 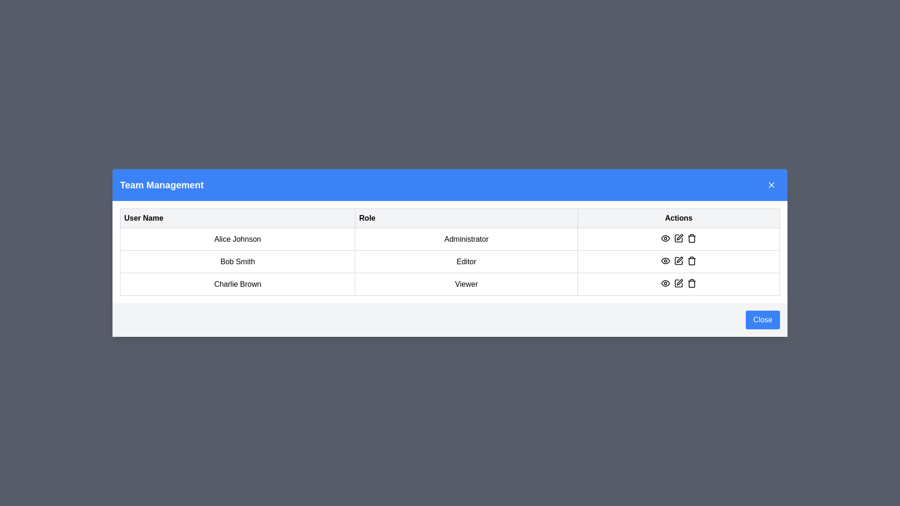 What do you see at coordinates (466, 238) in the screenshot?
I see `the text label displaying 'Administrator' located in the second column under the 'Role' header in the first row of the table in the 'Team Management' section` at bounding box center [466, 238].